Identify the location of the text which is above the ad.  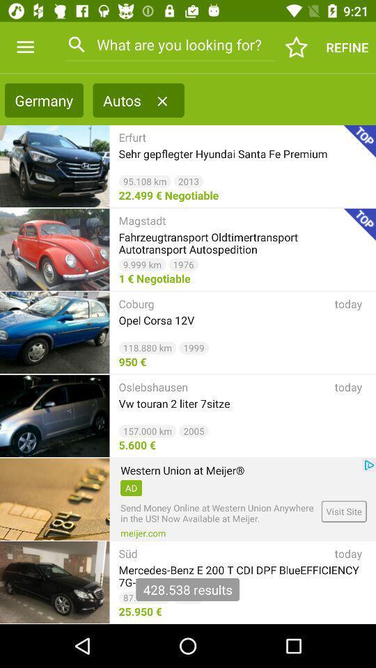
(182, 470).